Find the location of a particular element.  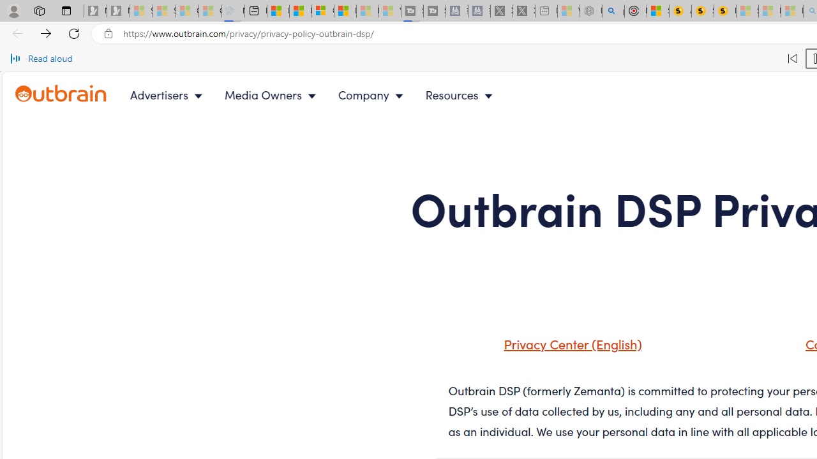

'Outbrain logo - link to homepage' is located at coordinates (75, 94).